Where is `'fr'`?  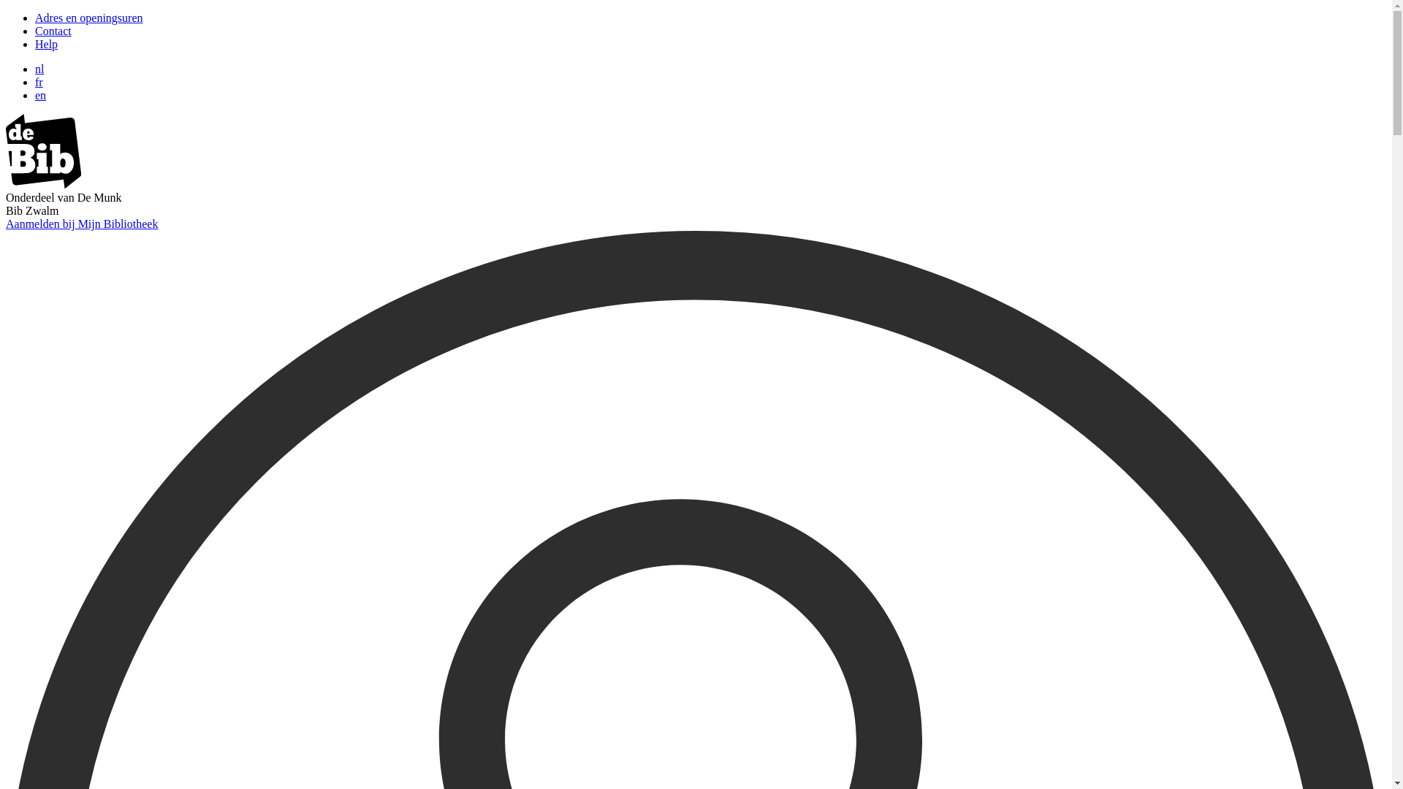 'fr' is located at coordinates (39, 82).